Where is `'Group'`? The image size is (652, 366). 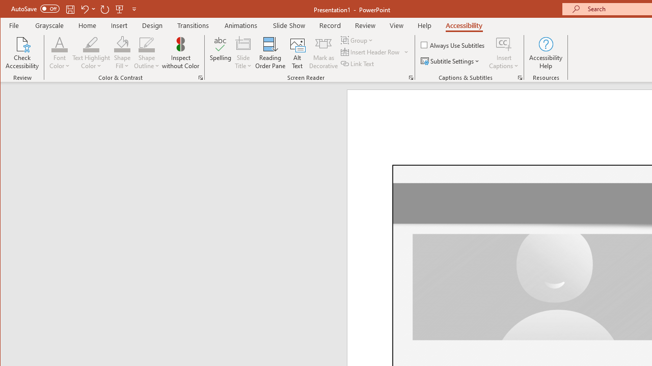
'Group' is located at coordinates (358, 40).